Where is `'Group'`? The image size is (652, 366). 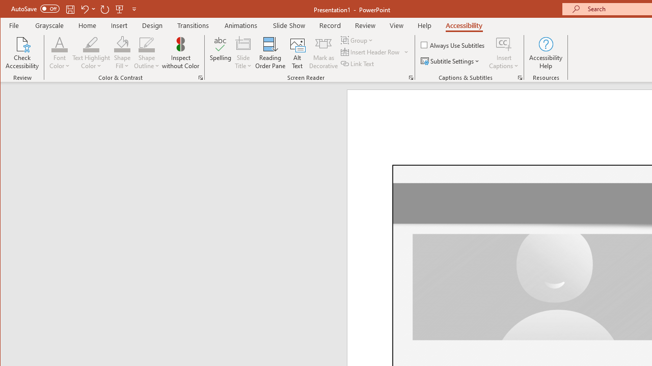
'Group' is located at coordinates (358, 40).